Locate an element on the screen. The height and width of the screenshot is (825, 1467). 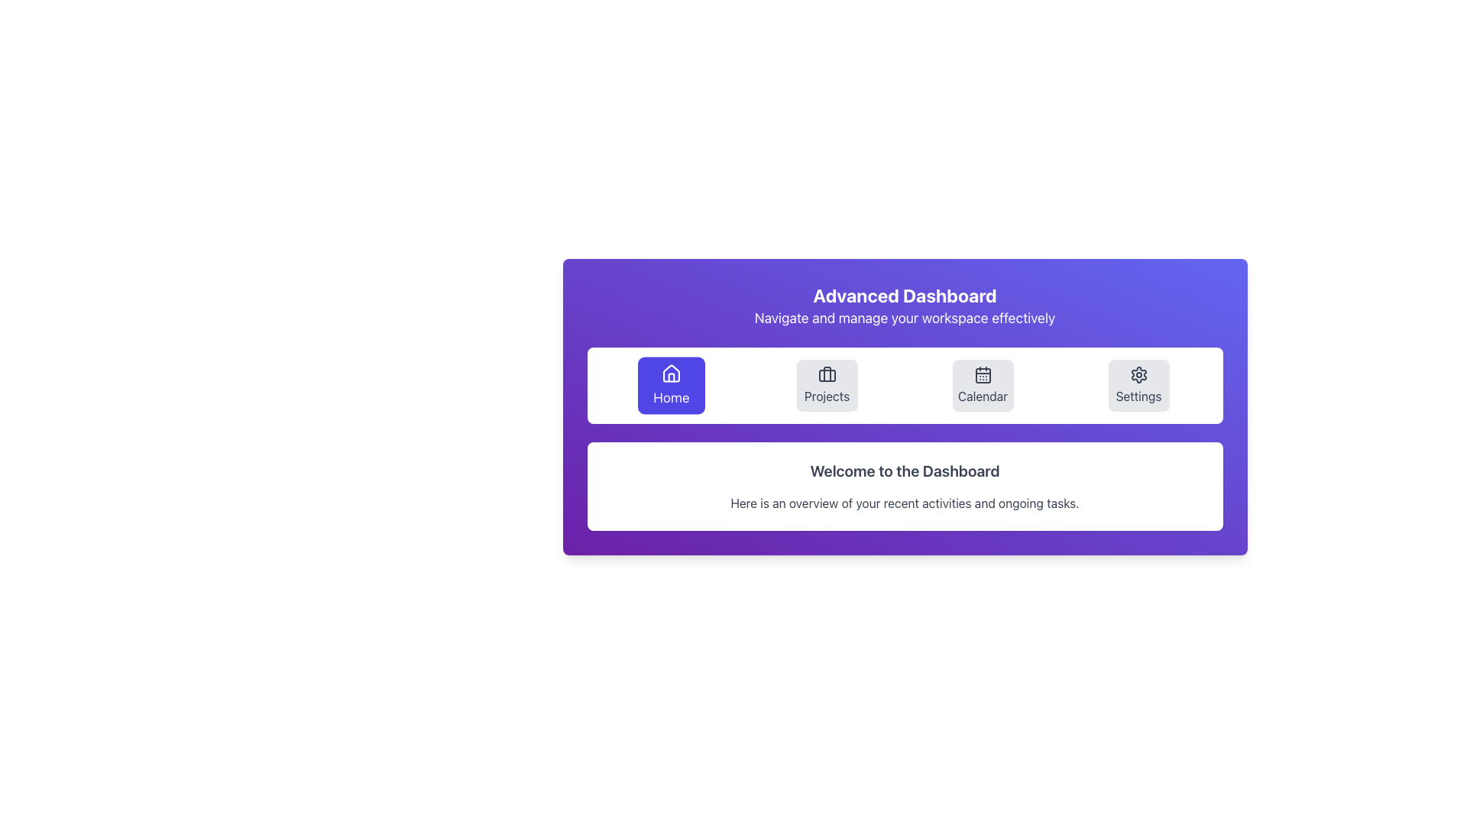
the 'Projects' icon located in the second button from the left in the horizontal toolbar under the 'Advanced Dashboard' heading is located at coordinates (826, 374).